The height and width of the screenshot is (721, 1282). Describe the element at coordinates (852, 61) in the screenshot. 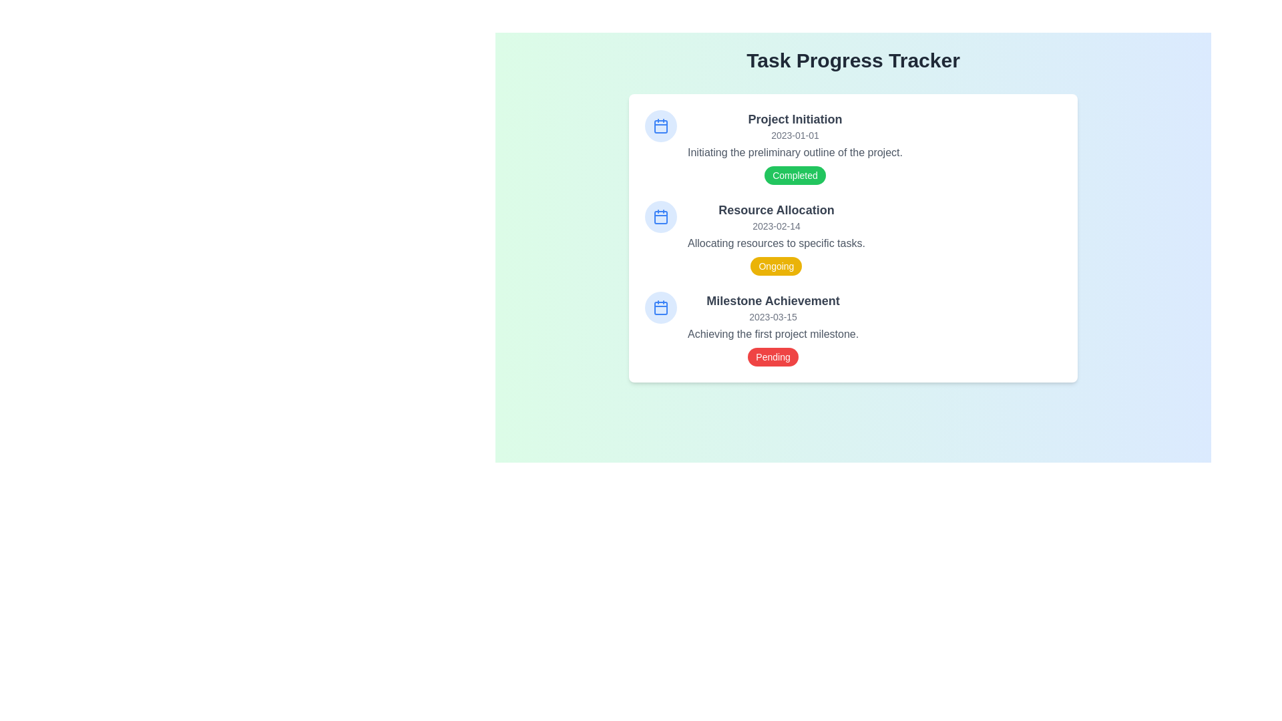

I see `the 'Task Progress Tracker' text element` at that location.